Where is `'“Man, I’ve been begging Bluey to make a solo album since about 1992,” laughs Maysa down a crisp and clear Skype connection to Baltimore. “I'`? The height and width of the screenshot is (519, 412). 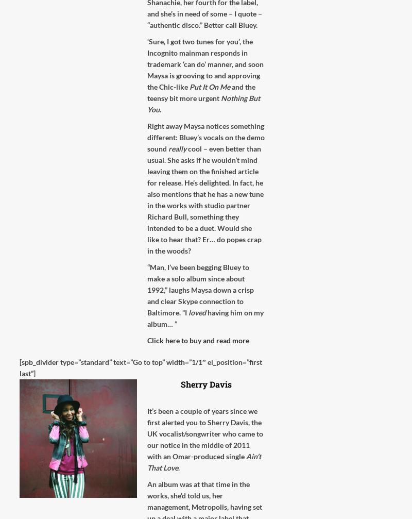
'“Man, I’ve been begging Bluey to make a solo album since about 1992,” laughs Maysa down a crisp and clear Skype connection to Baltimore. “I' is located at coordinates (200, 289).